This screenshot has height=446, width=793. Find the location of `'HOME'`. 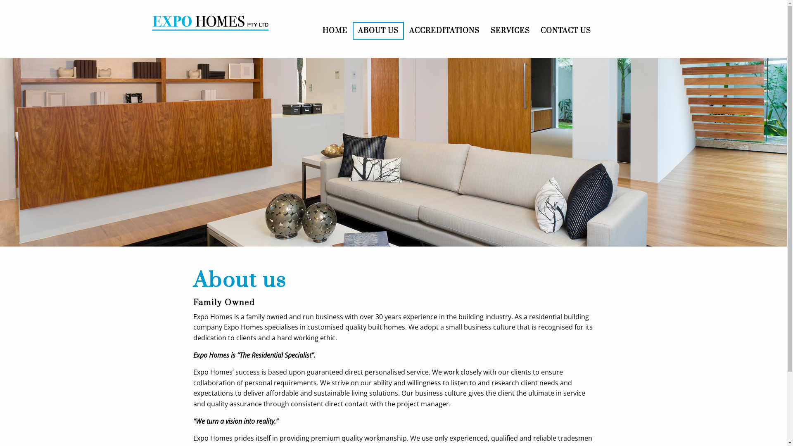

'HOME' is located at coordinates (335, 30).